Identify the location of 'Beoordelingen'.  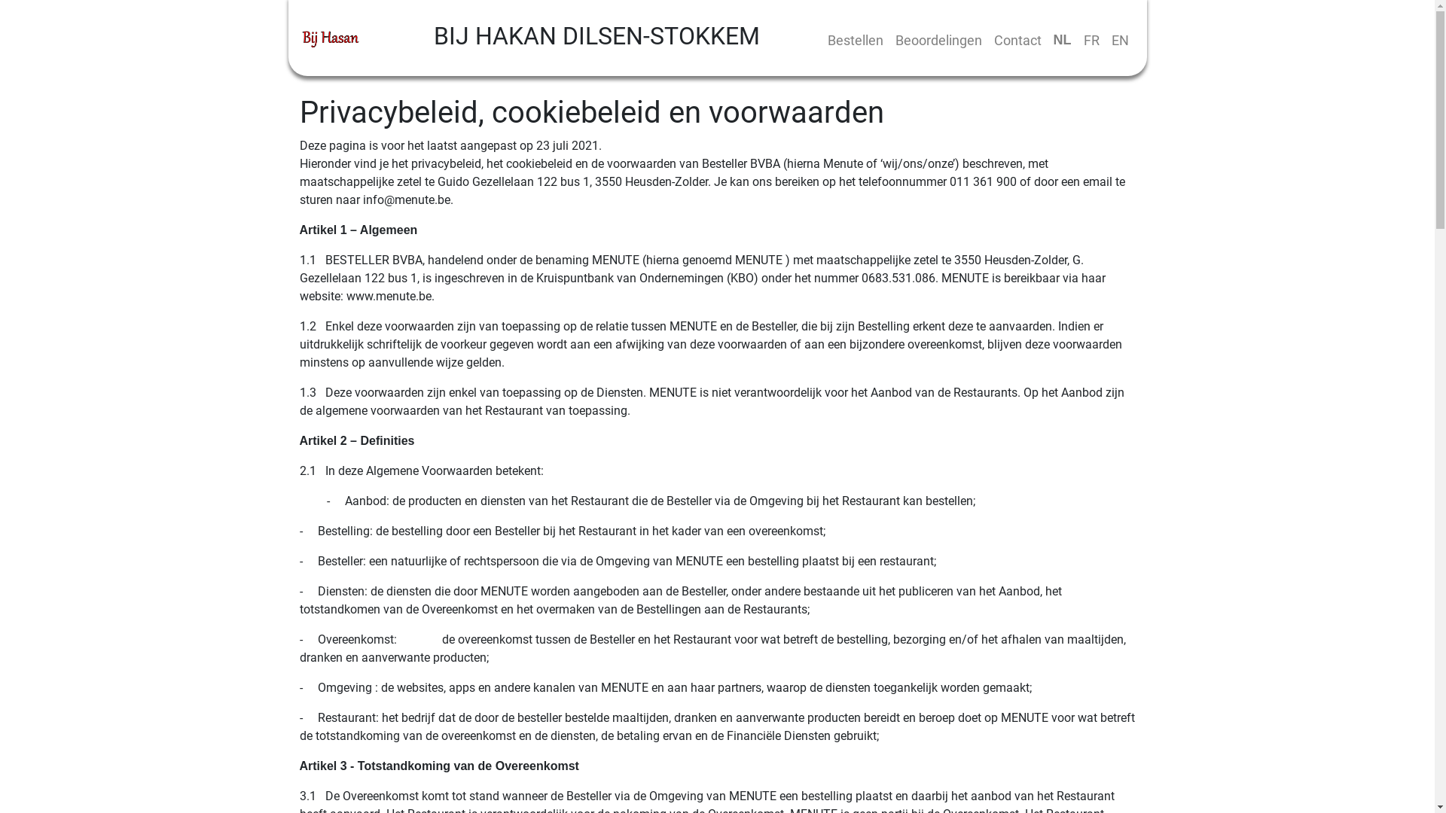
(937, 39).